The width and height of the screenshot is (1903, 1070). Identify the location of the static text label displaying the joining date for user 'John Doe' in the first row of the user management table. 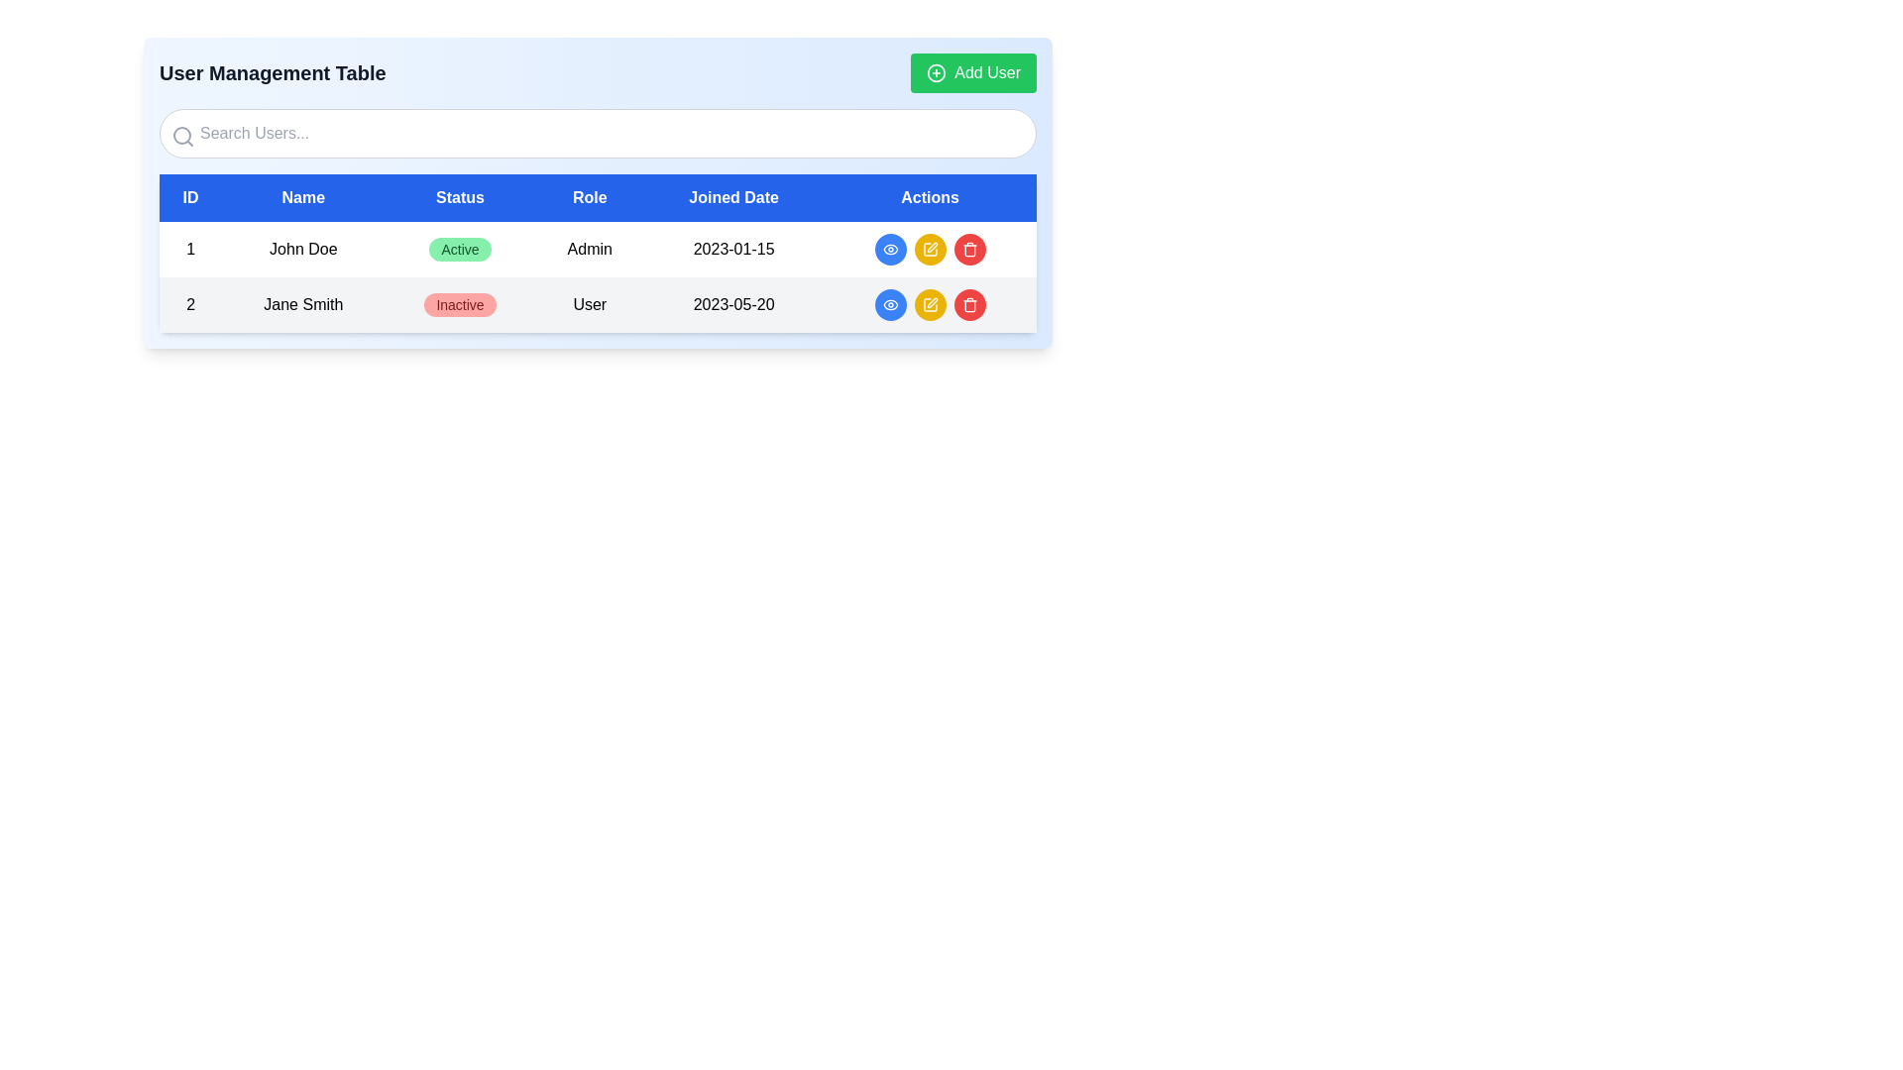
(732, 248).